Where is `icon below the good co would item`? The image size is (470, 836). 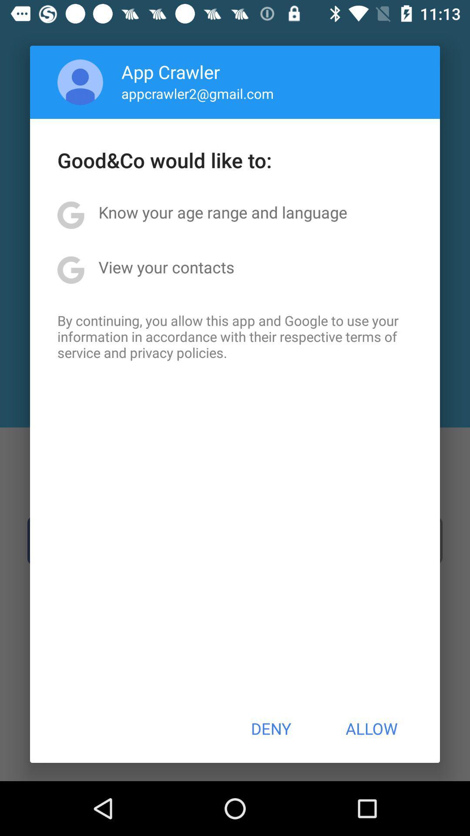
icon below the good co would item is located at coordinates (222, 212).